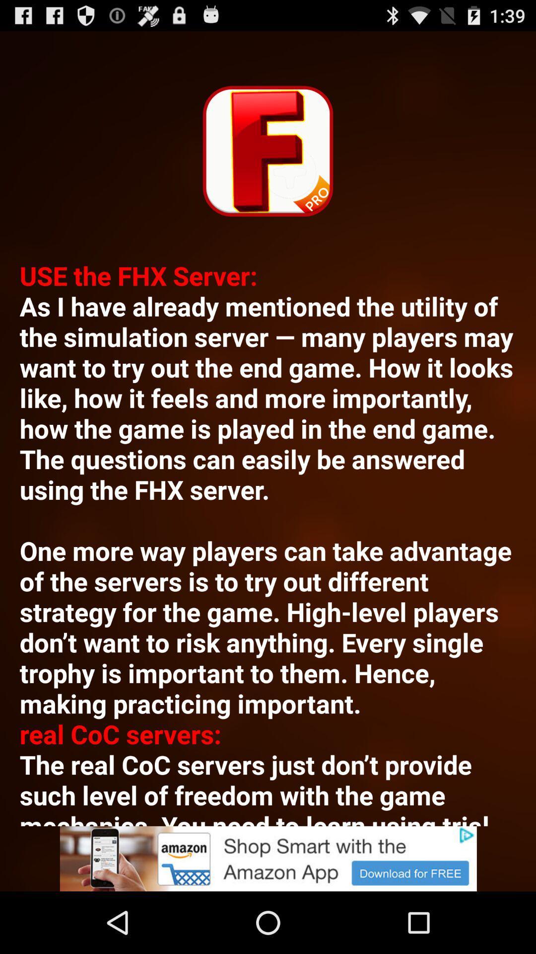 The width and height of the screenshot is (536, 954). I want to click on advertisement button, so click(268, 858).